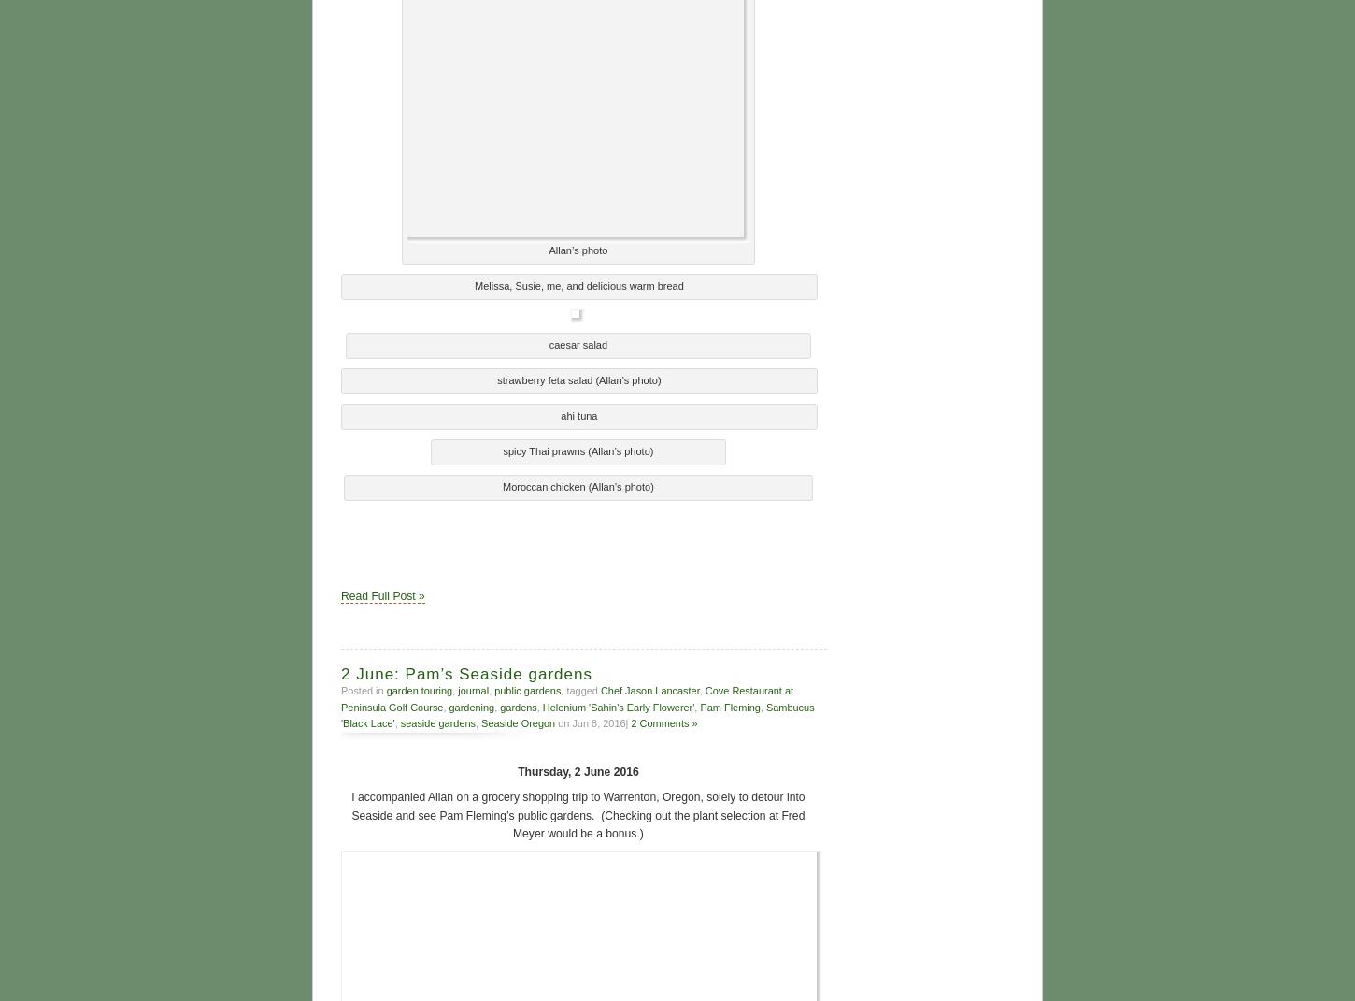 Image resolution: width=1355 pixels, height=1001 pixels. Describe the element at coordinates (542, 704) in the screenshot. I see `'Helenium 'Sahin's Early Flowerer''` at that location.